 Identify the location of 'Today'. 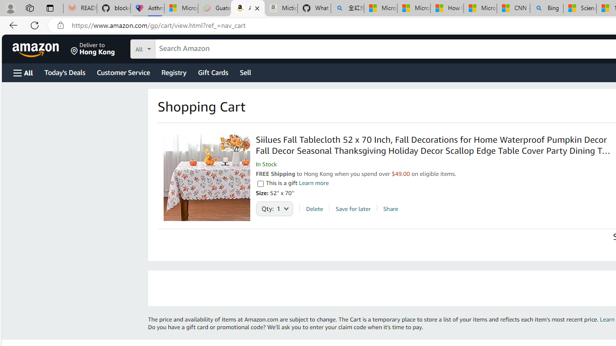
(64, 72).